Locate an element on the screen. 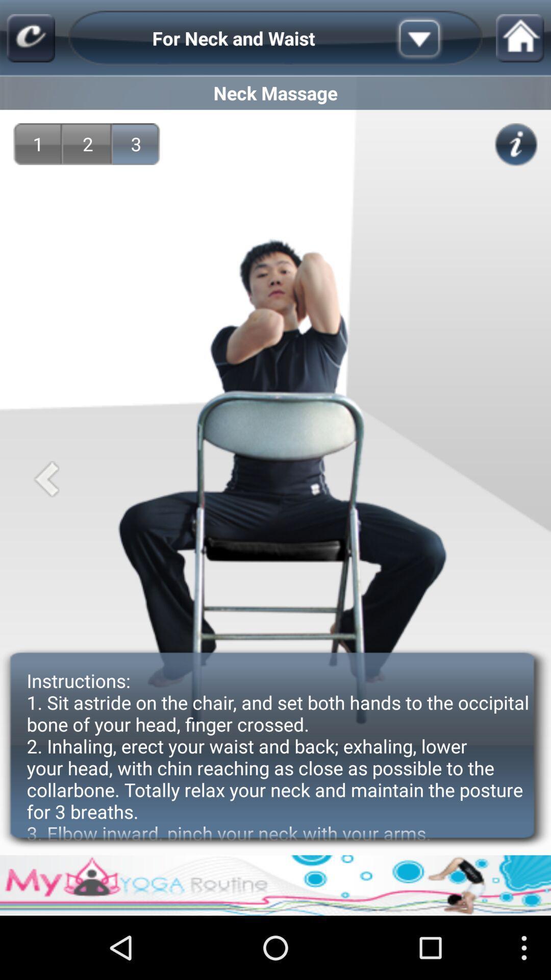  information is located at coordinates (516, 144).